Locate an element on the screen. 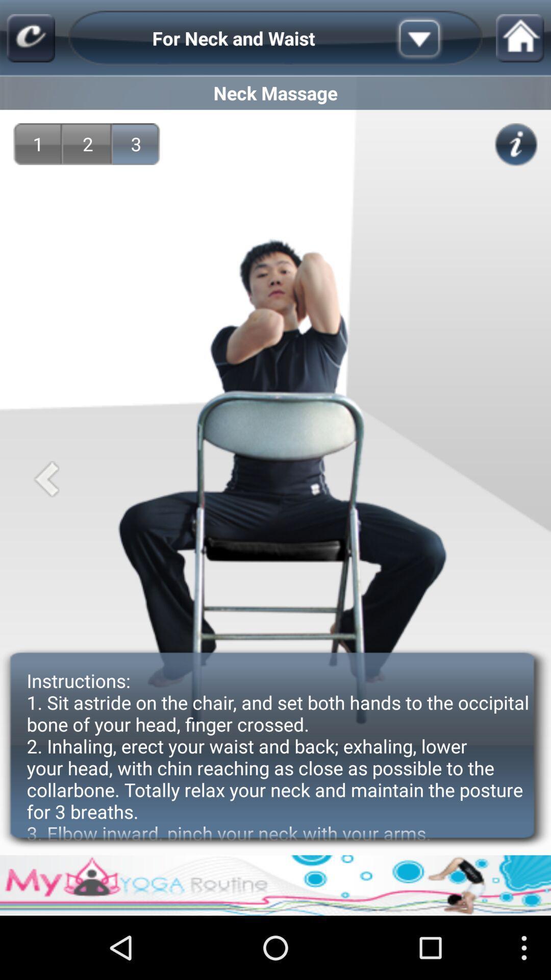  information is located at coordinates (516, 144).